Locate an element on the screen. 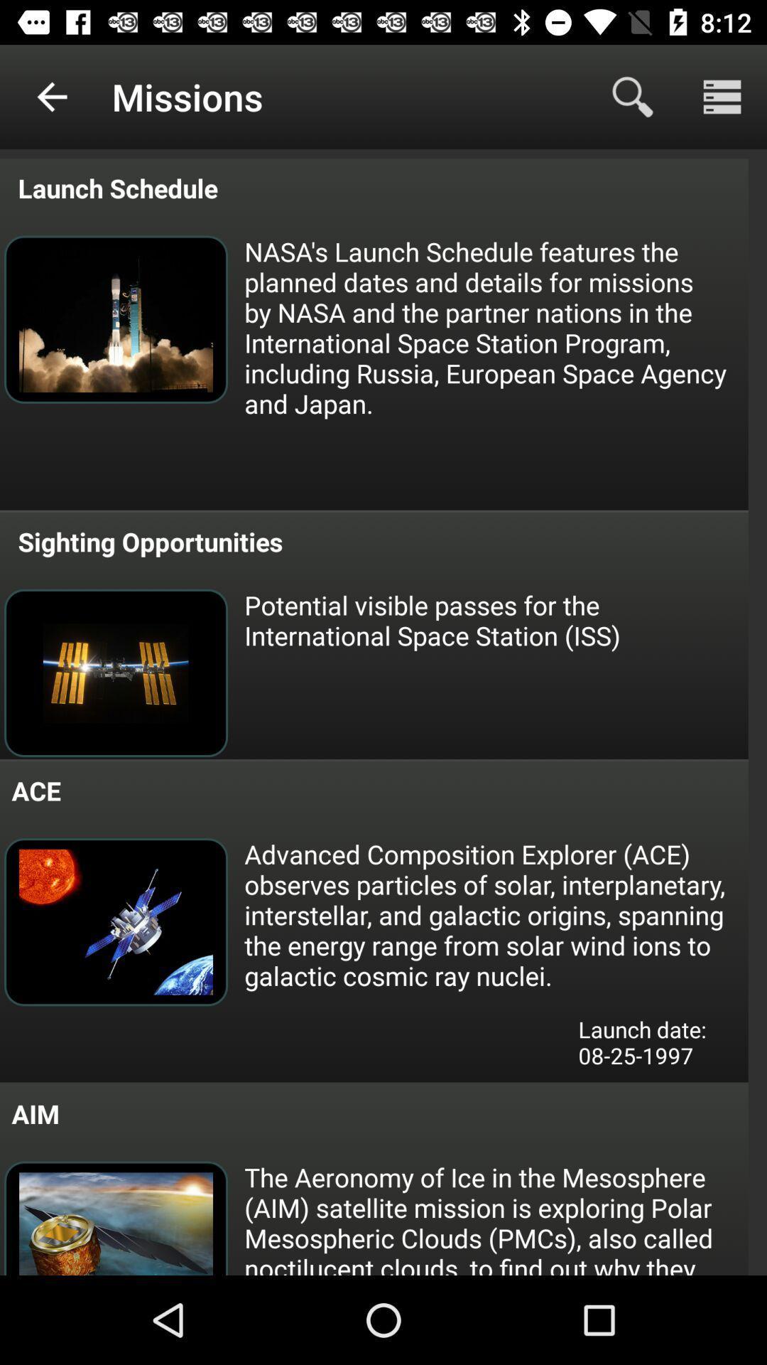 The width and height of the screenshot is (767, 1365). the nasa s launch item is located at coordinates (494, 326).